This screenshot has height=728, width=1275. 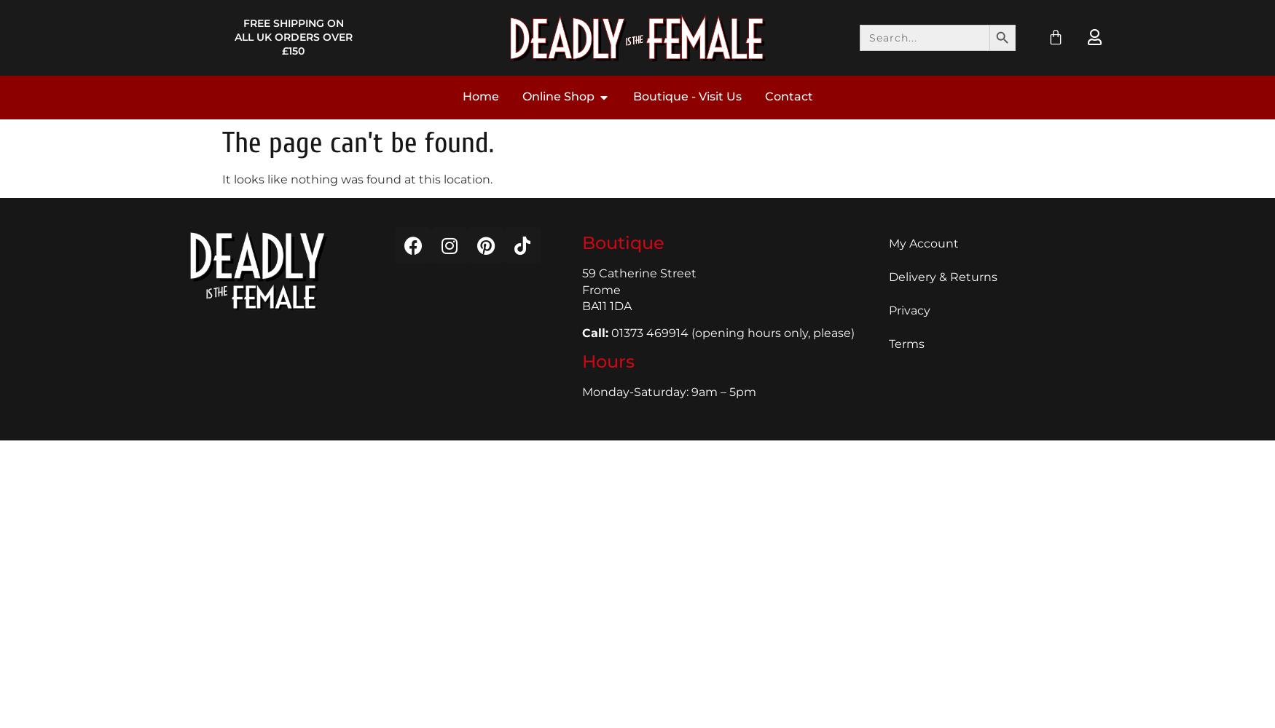 What do you see at coordinates (358, 141) in the screenshot?
I see `'The page can’t be found.'` at bounding box center [358, 141].